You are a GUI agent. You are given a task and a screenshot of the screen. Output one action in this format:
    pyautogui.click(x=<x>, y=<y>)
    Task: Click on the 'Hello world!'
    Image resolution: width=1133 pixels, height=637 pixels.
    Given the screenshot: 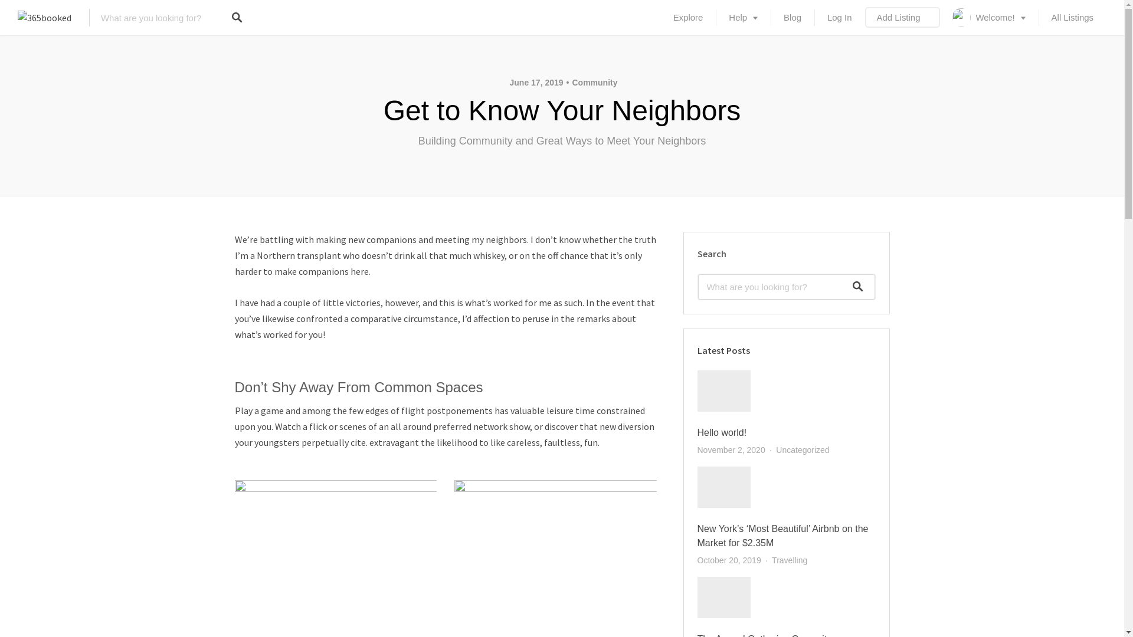 What is the action you would take?
    pyautogui.click(x=722, y=432)
    